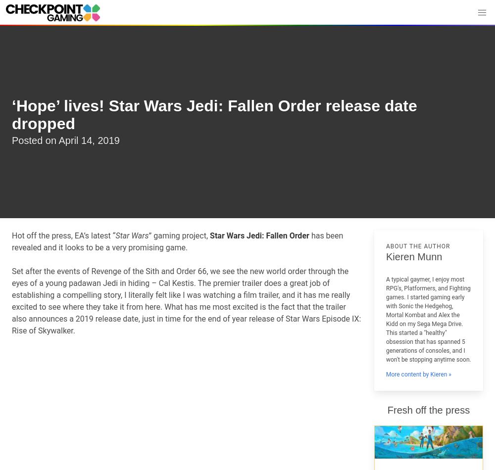 Image resolution: width=495 pixels, height=470 pixels. I want to click on 'has been revealed and it looks to be a very promising game.', so click(177, 241).